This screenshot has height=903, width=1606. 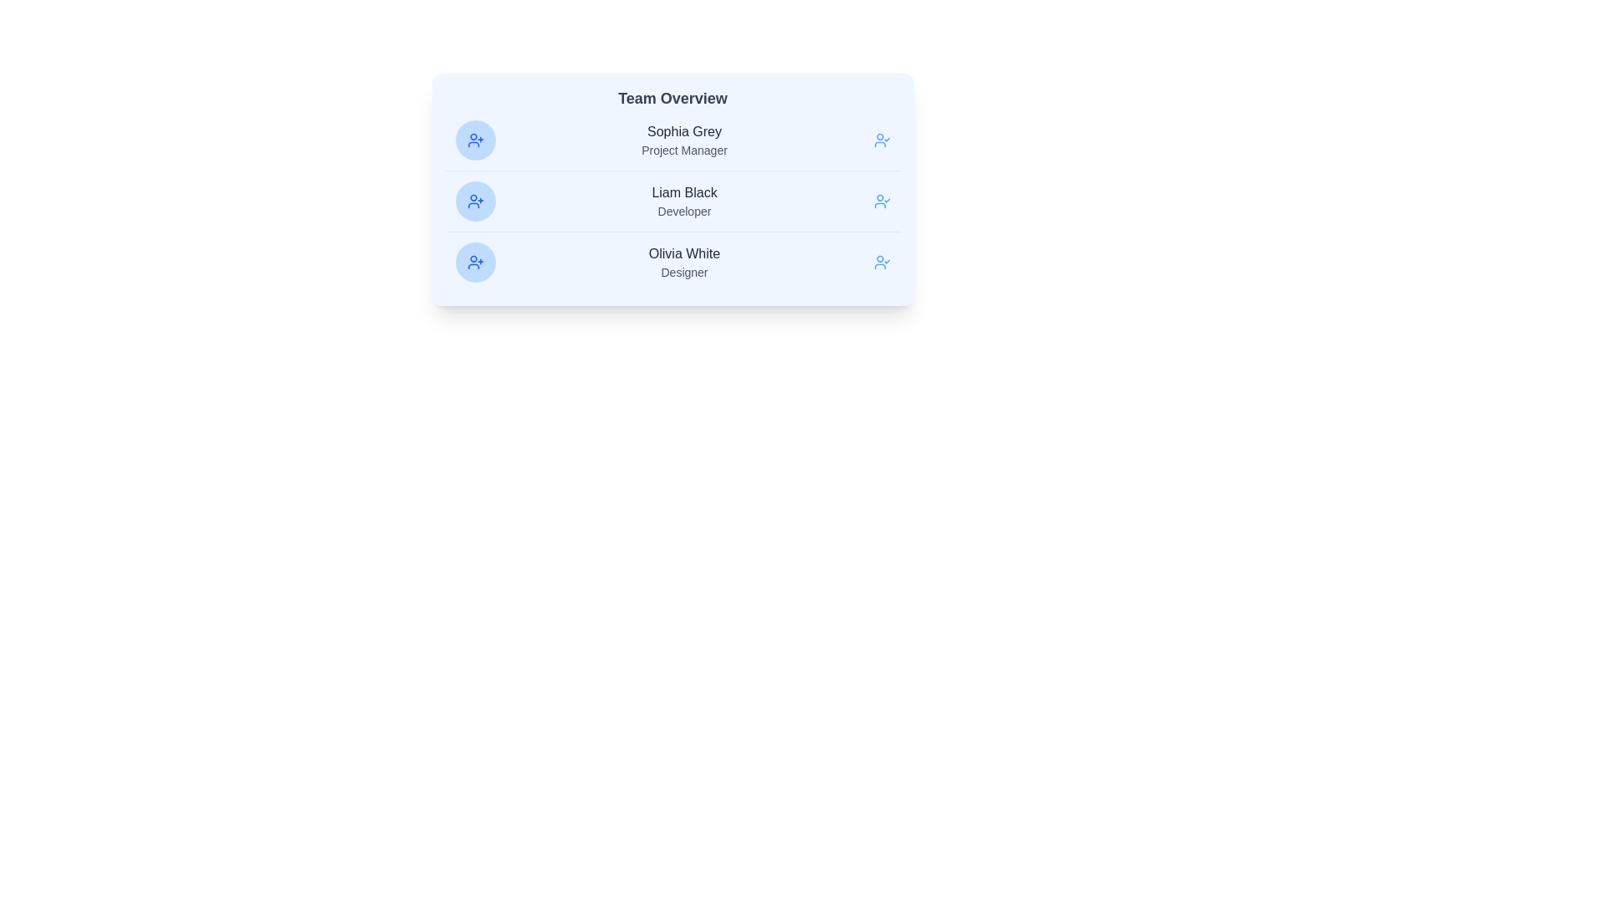 I want to click on the icon button located in the rightmost part of the 'Liam Black' block within the Team Overview section, so click(x=881, y=200).